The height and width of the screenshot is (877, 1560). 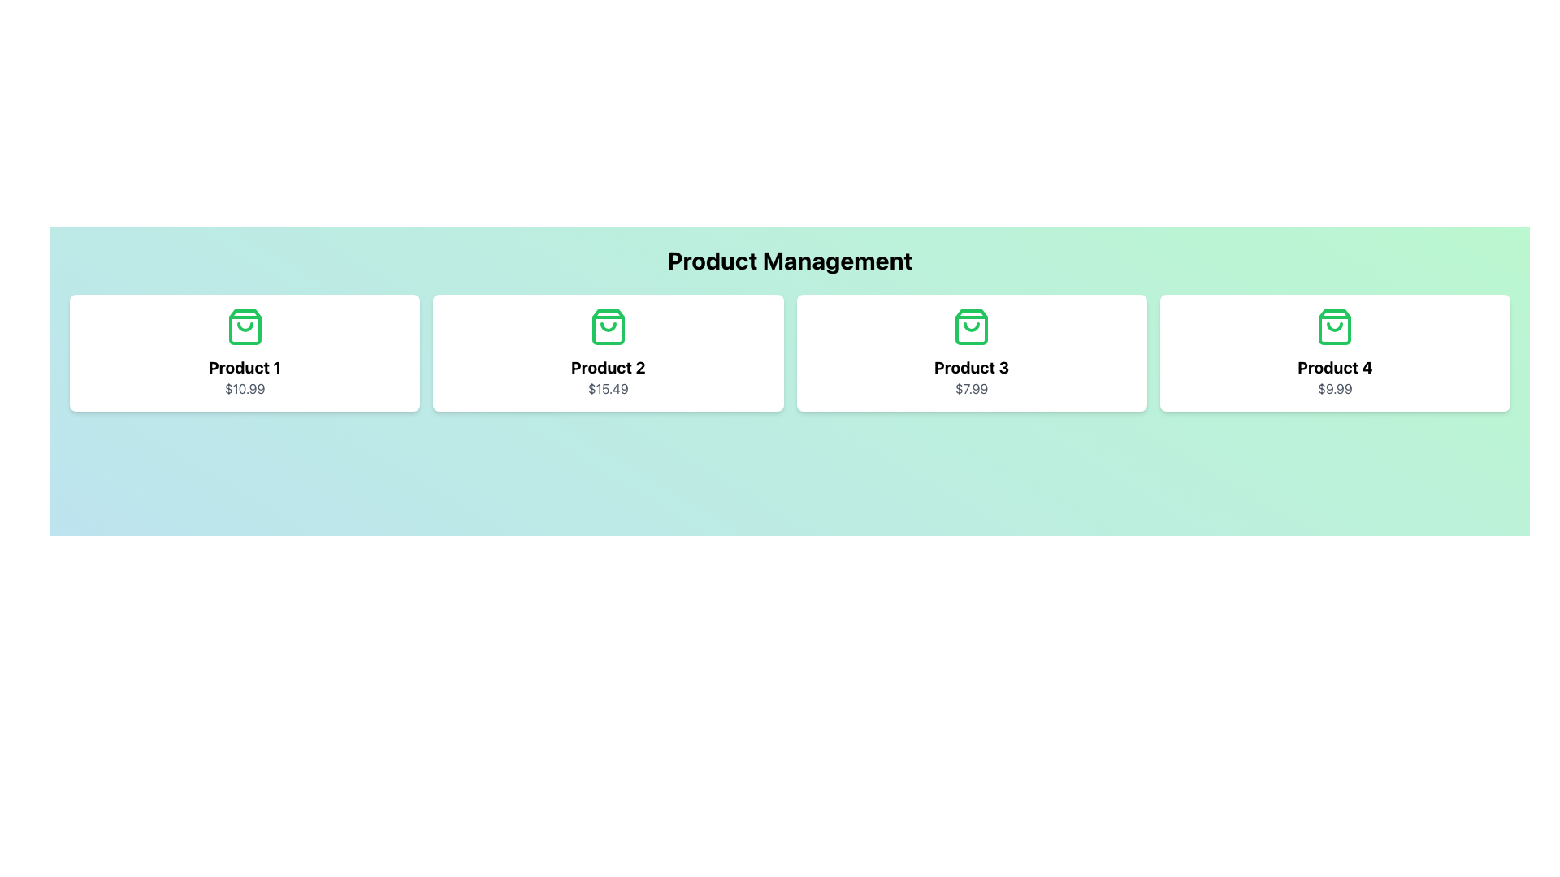 I want to click on the informational text label displaying the price of 'Product 2', located at the bottom of the card beneath the title, so click(x=607, y=388).